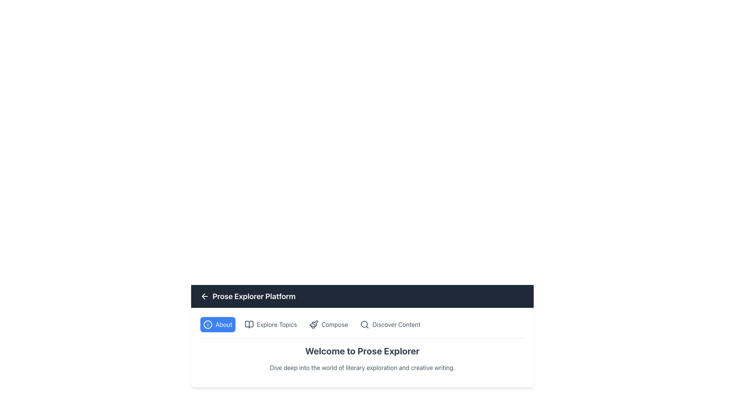 This screenshot has height=412, width=734. Describe the element at coordinates (362, 359) in the screenshot. I see `the introductory text label of the 'Prose Explorer' platform, which is centrally located beneath the navigation bar and above the content area` at that location.